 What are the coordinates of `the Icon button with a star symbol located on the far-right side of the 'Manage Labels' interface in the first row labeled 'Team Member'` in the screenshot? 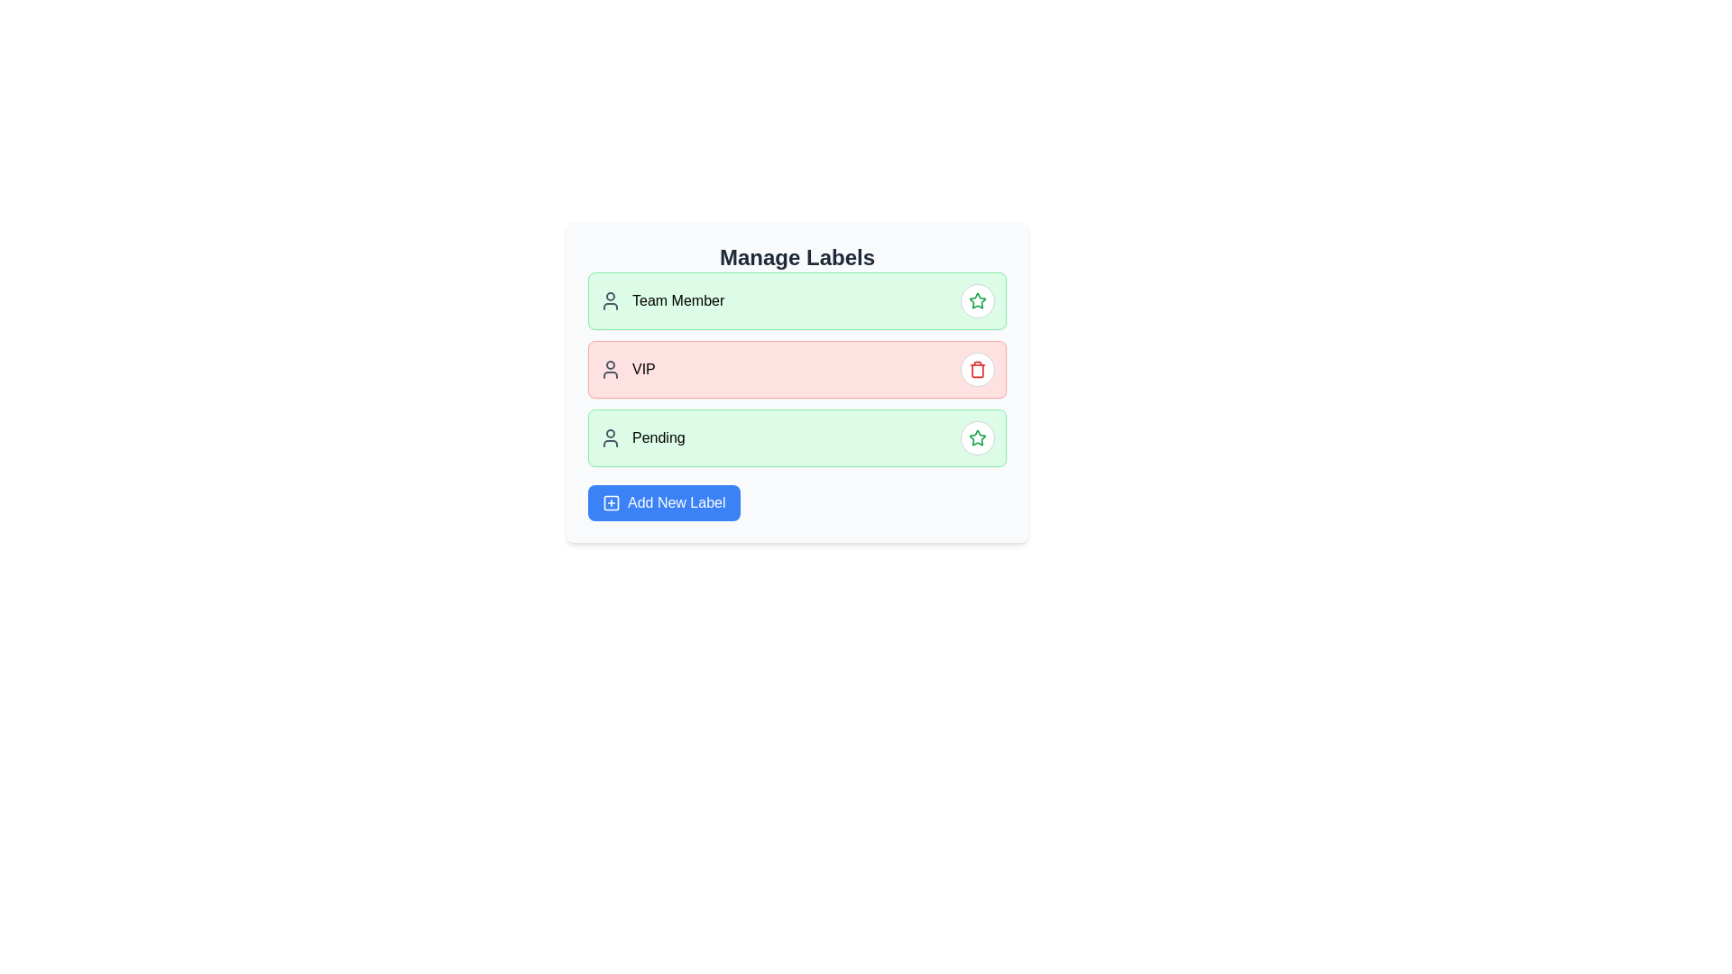 It's located at (977, 438).